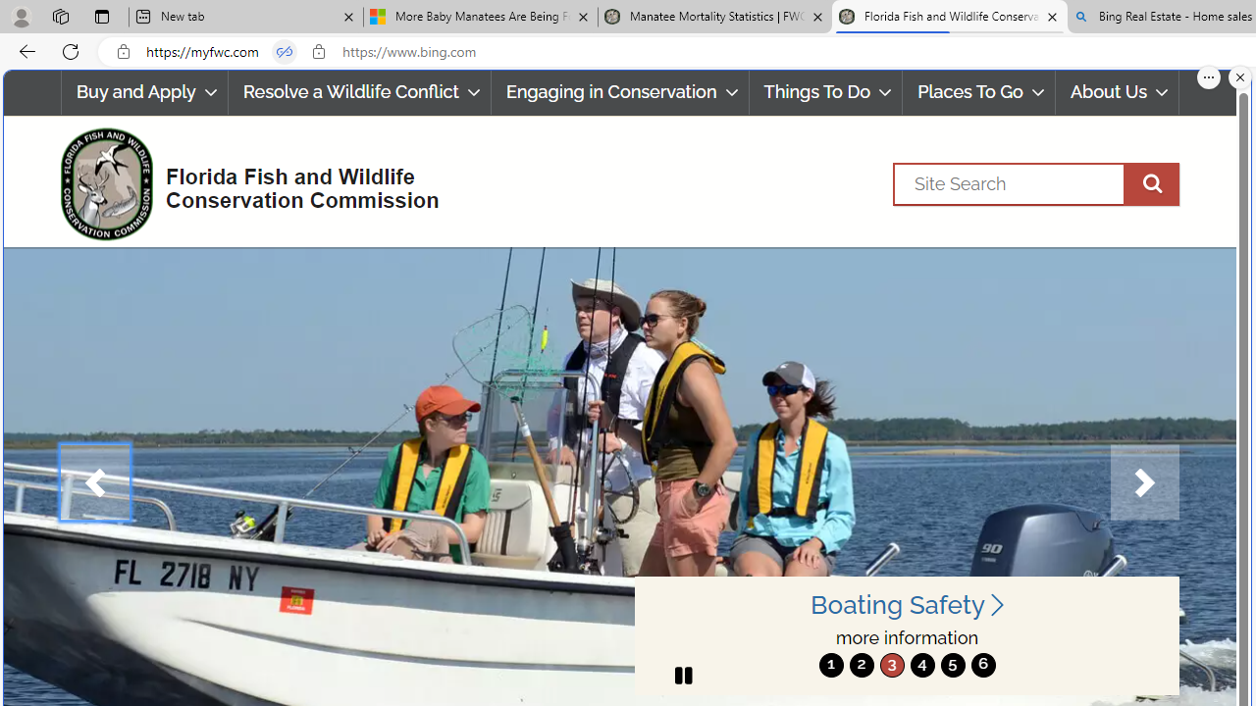 This screenshot has width=1256, height=706. I want to click on 'Personal Profile', so click(21, 16).